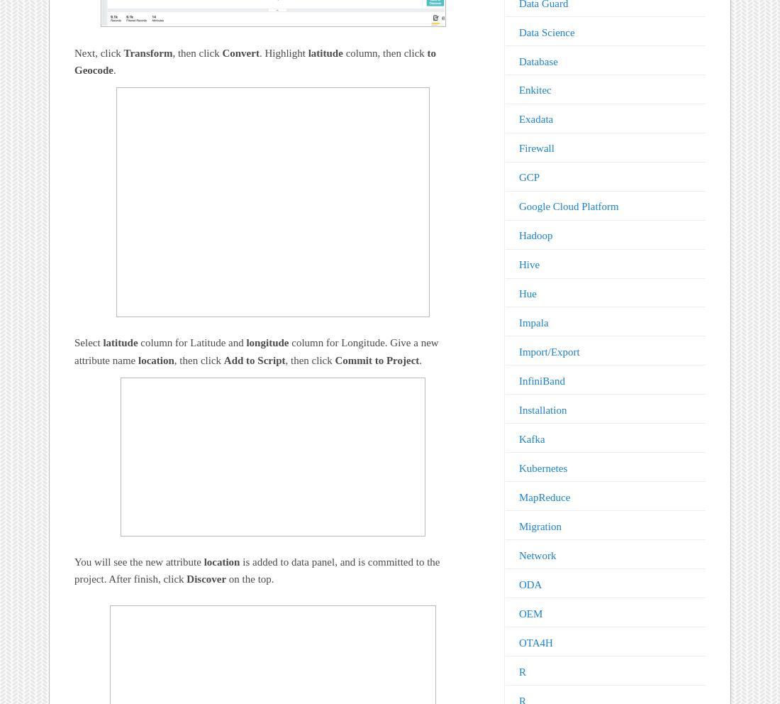  Describe the element at coordinates (257, 571) in the screenshot. I see `'is added to data panel, and is committed to the project. After finish, click'` at that location.